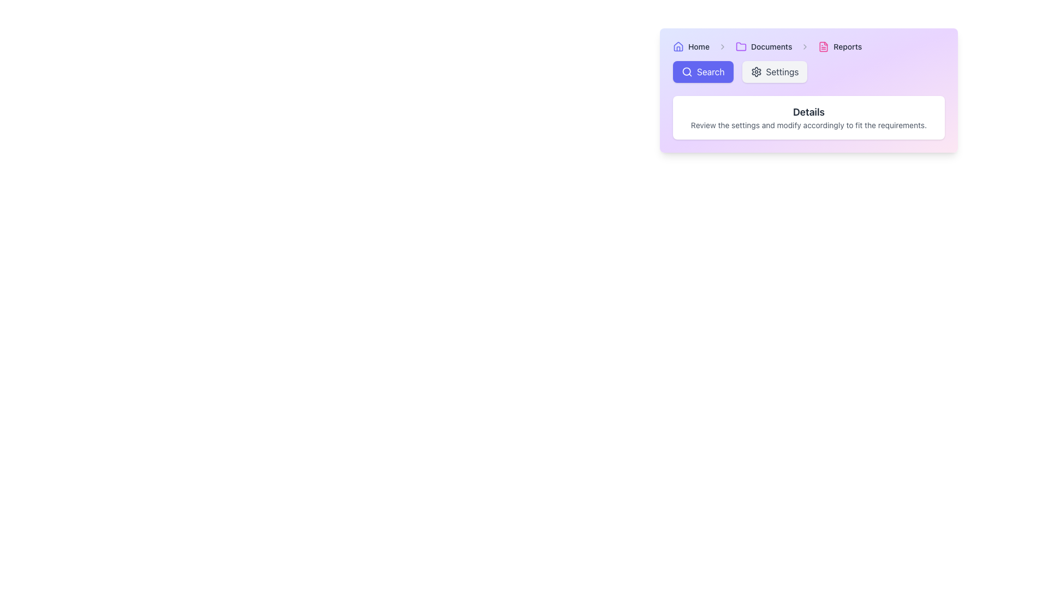  What do you see at coordinates (723, 46) in the screenshot?
I see `the second navigational arrow in the breadcrumb trail that separates the 'Home' and 'Documents' sections` at bounding box center [723, 46].